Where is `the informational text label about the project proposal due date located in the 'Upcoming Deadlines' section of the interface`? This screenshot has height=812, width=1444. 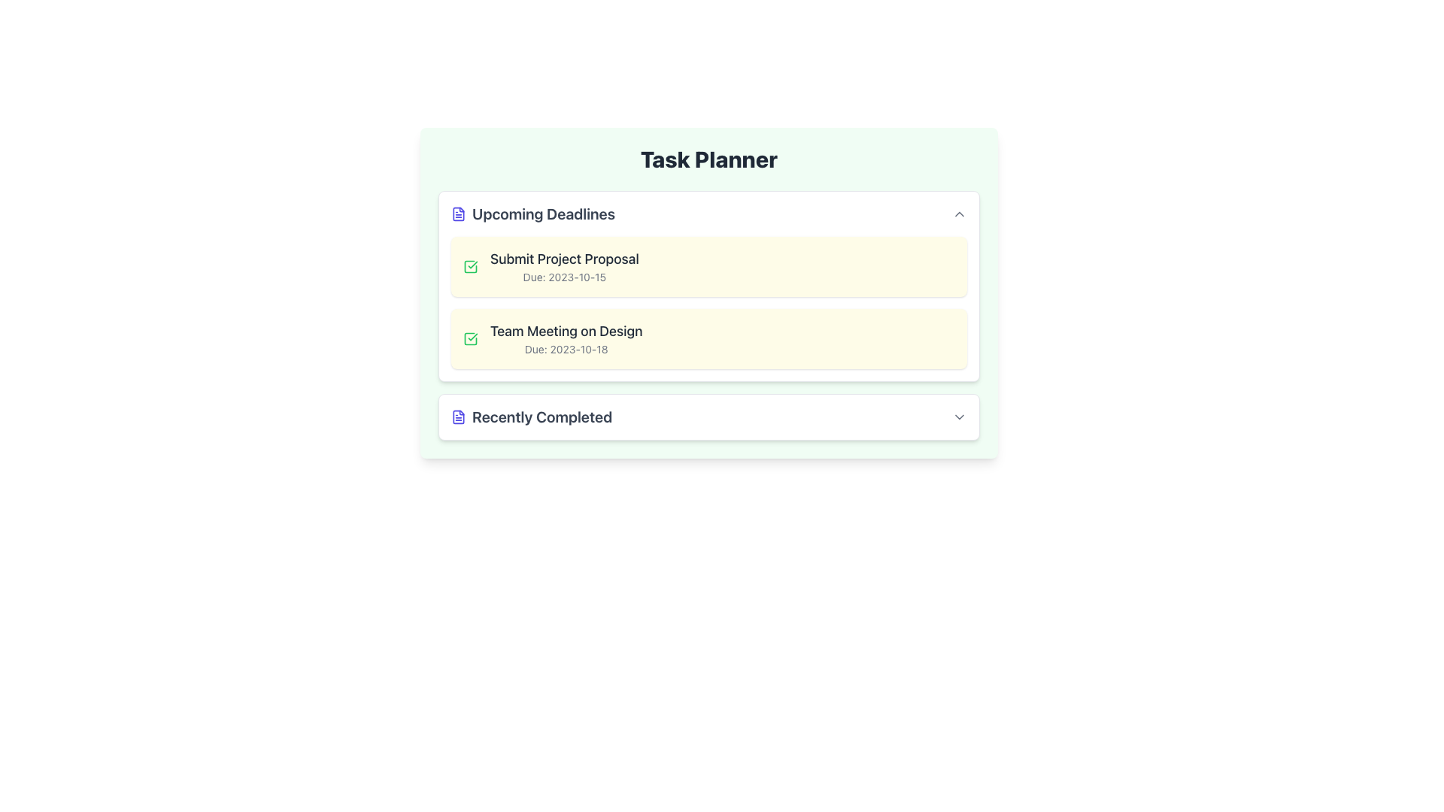
the informational text label about the project proposal due date located in the 'Upcoming Deadlines' section of the interface is located at coordinates (563, 265).